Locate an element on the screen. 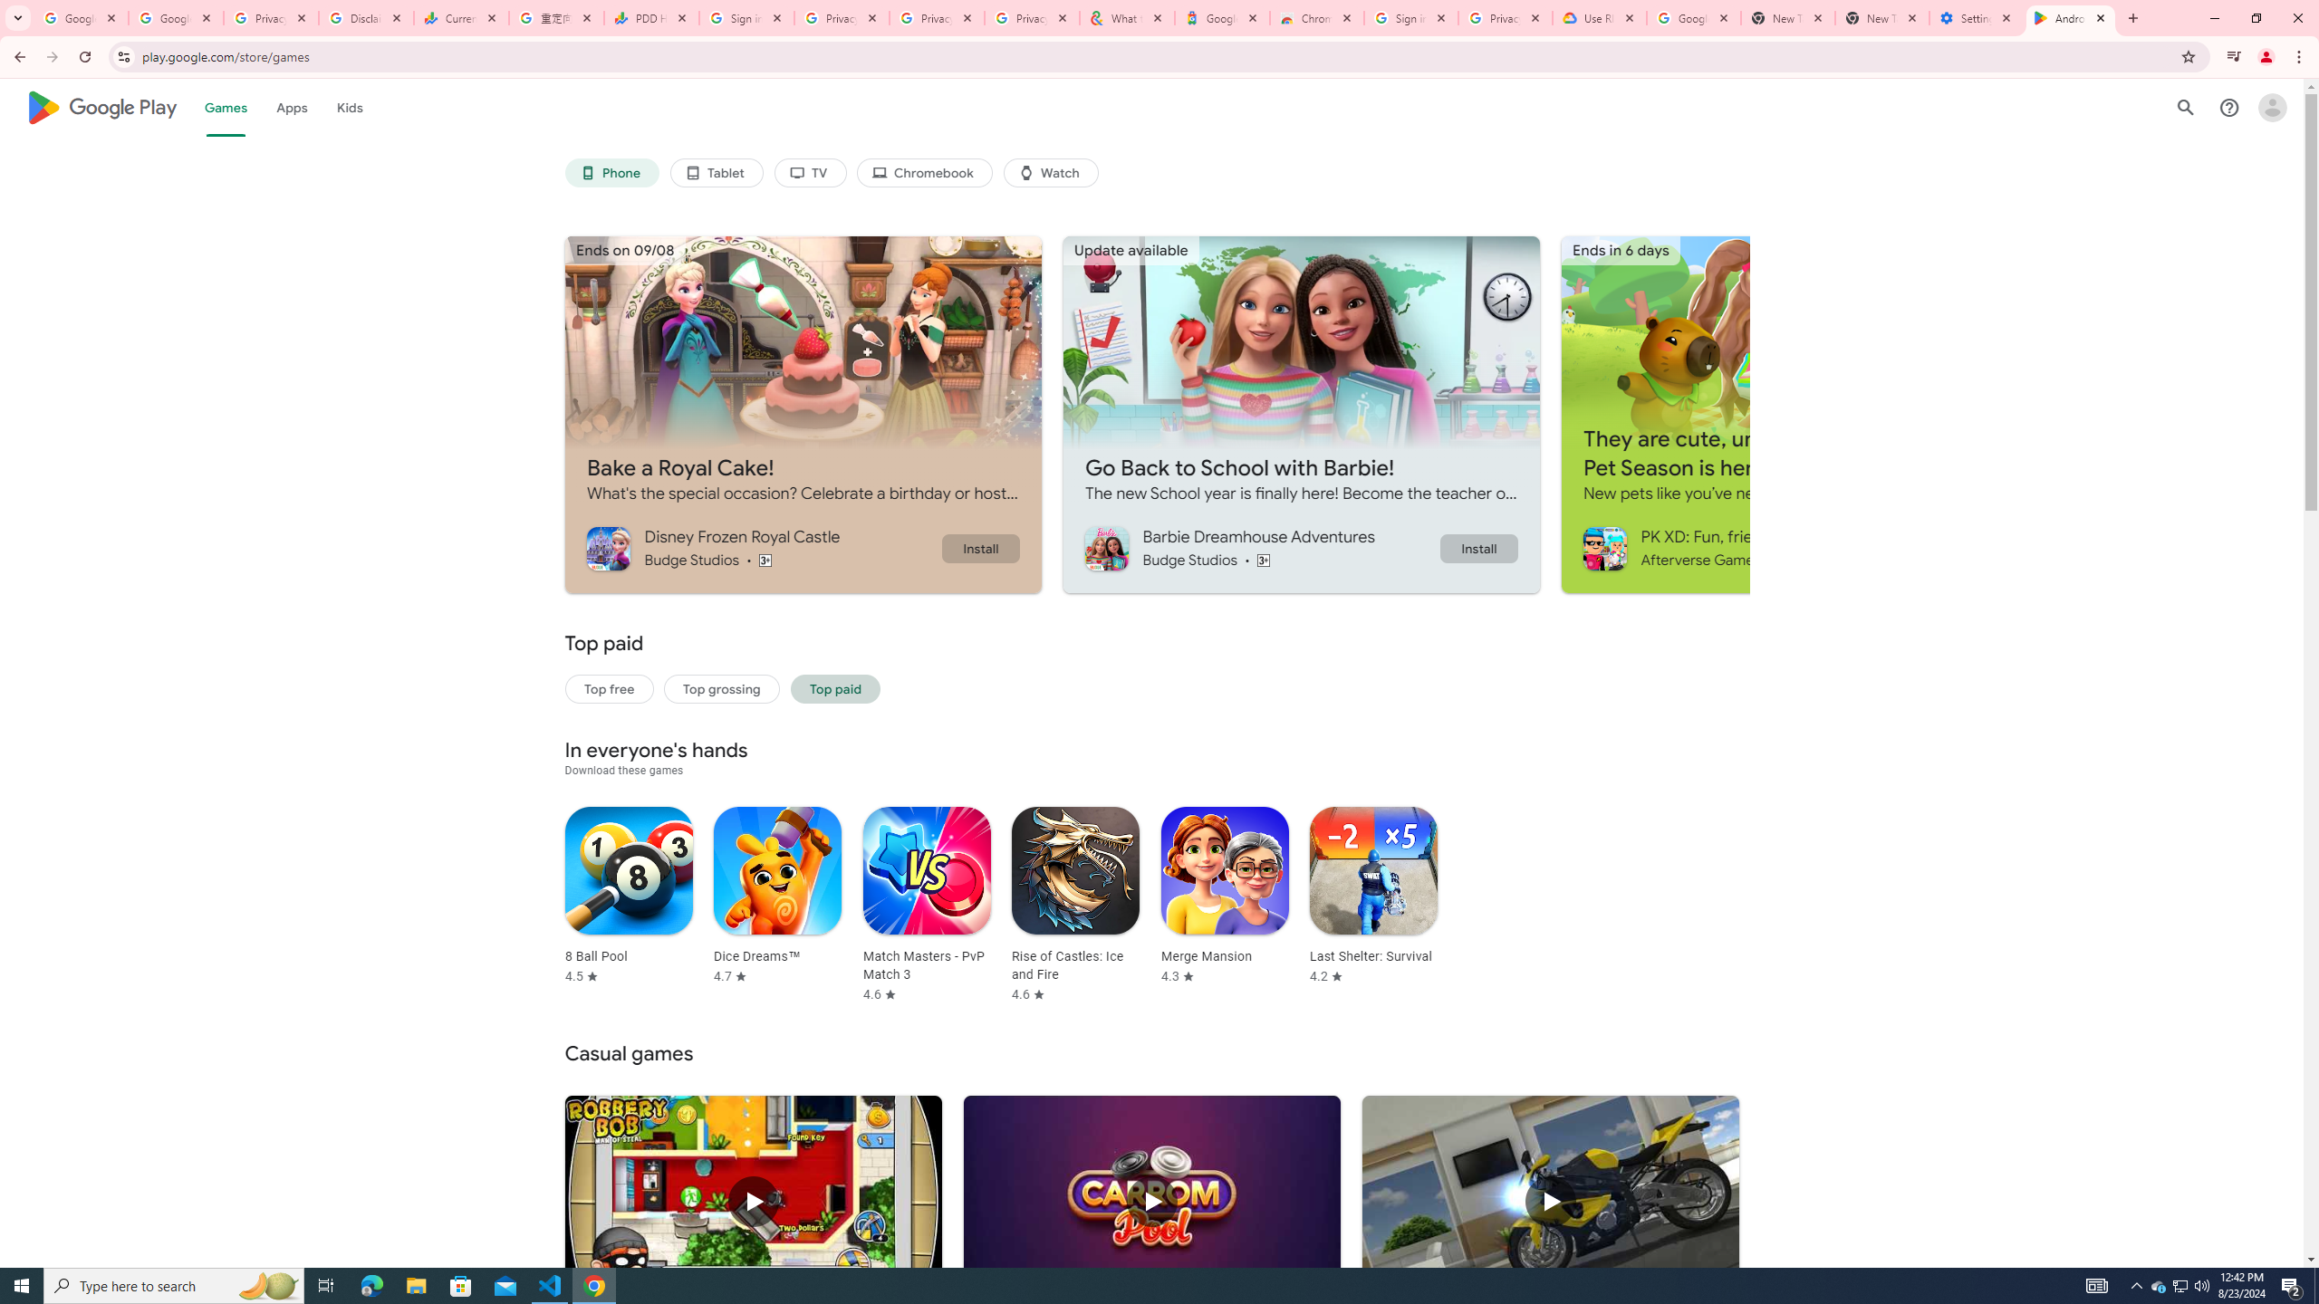 This screenshot has height=1304, width=2319. 'Top paid' is located at coordinates (834, 689).